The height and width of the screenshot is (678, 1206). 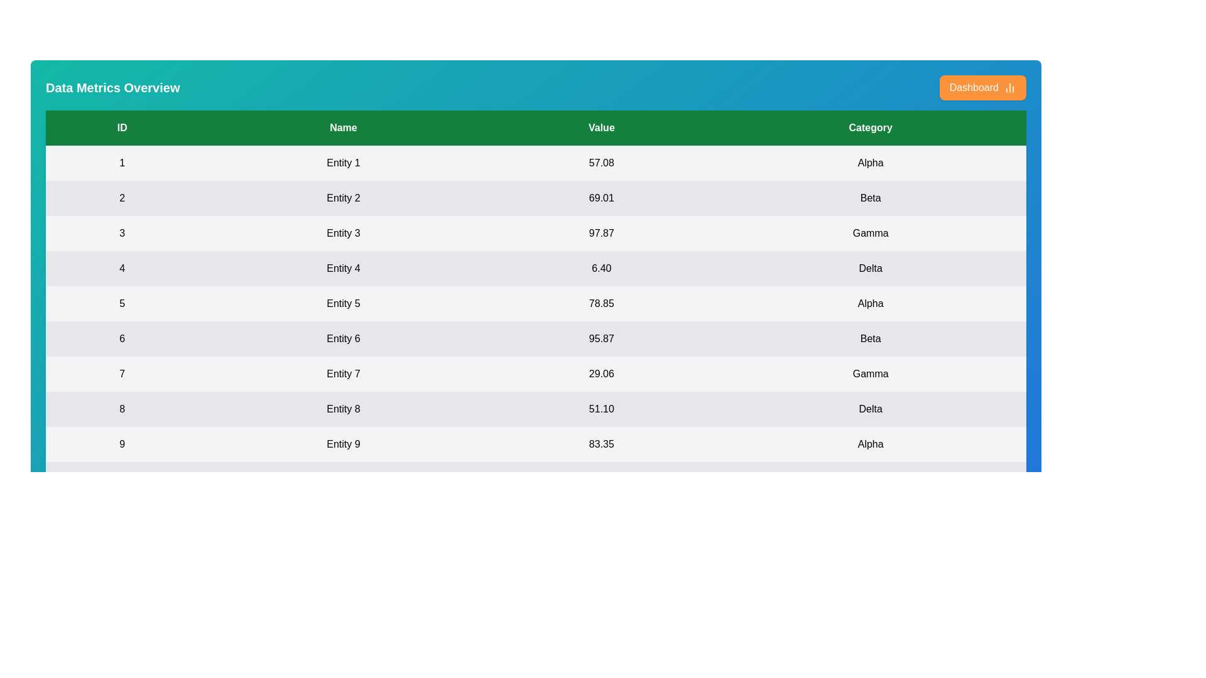 What do you see at coordinates (536, 268) in the screenshot?
I see `the row corresponding to 4` at bounding box center [536, 268].